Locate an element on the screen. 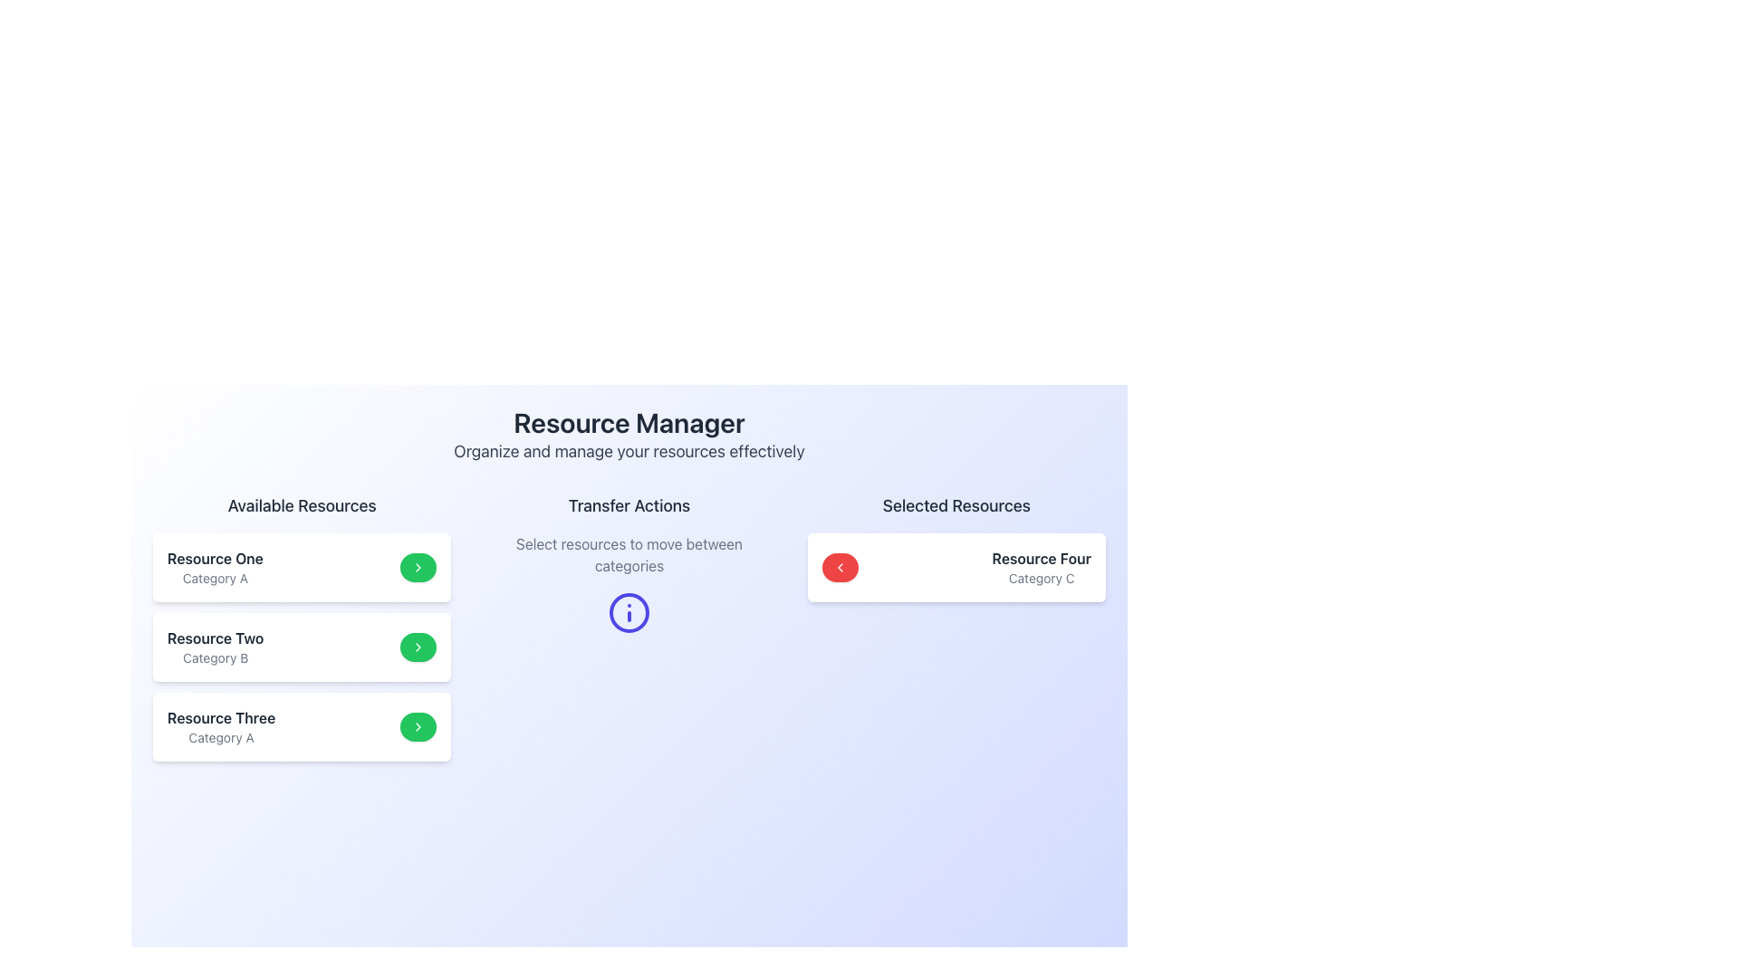  the text label that specifies the name of a resource, located under 'Available Resources' as the third item in the vertical list is located at coordinates (220, 717).